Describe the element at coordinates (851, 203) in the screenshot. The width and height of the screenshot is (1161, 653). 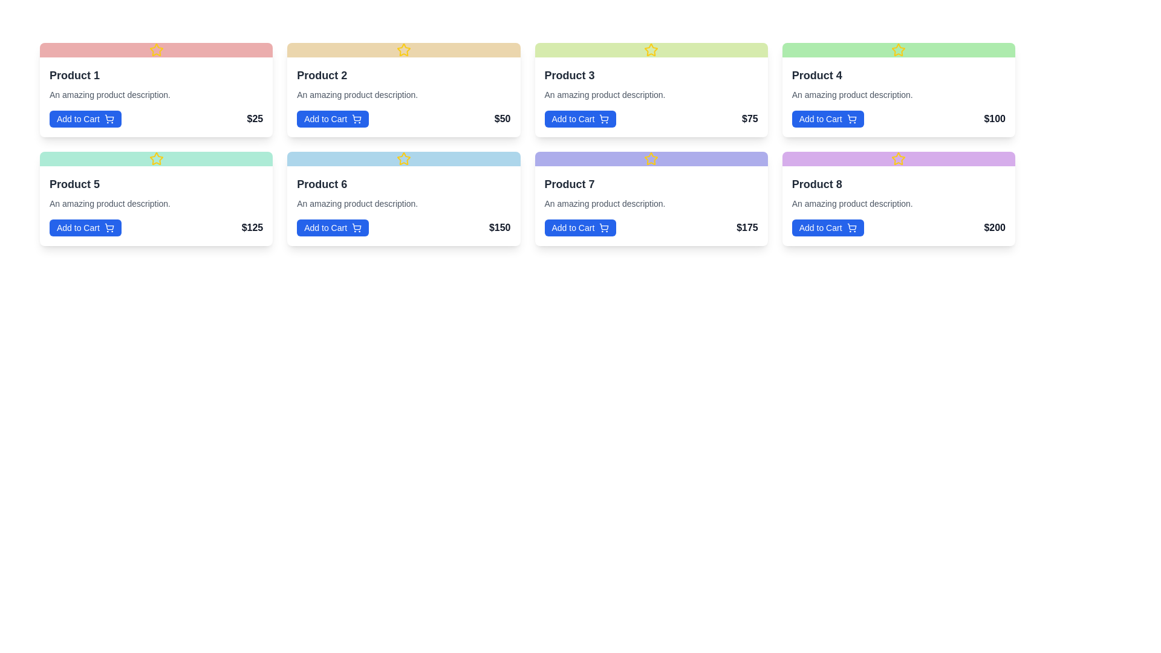
I see `the text component that reads 'An amazing product description.' located under the product title 'Product 8'` at that location.